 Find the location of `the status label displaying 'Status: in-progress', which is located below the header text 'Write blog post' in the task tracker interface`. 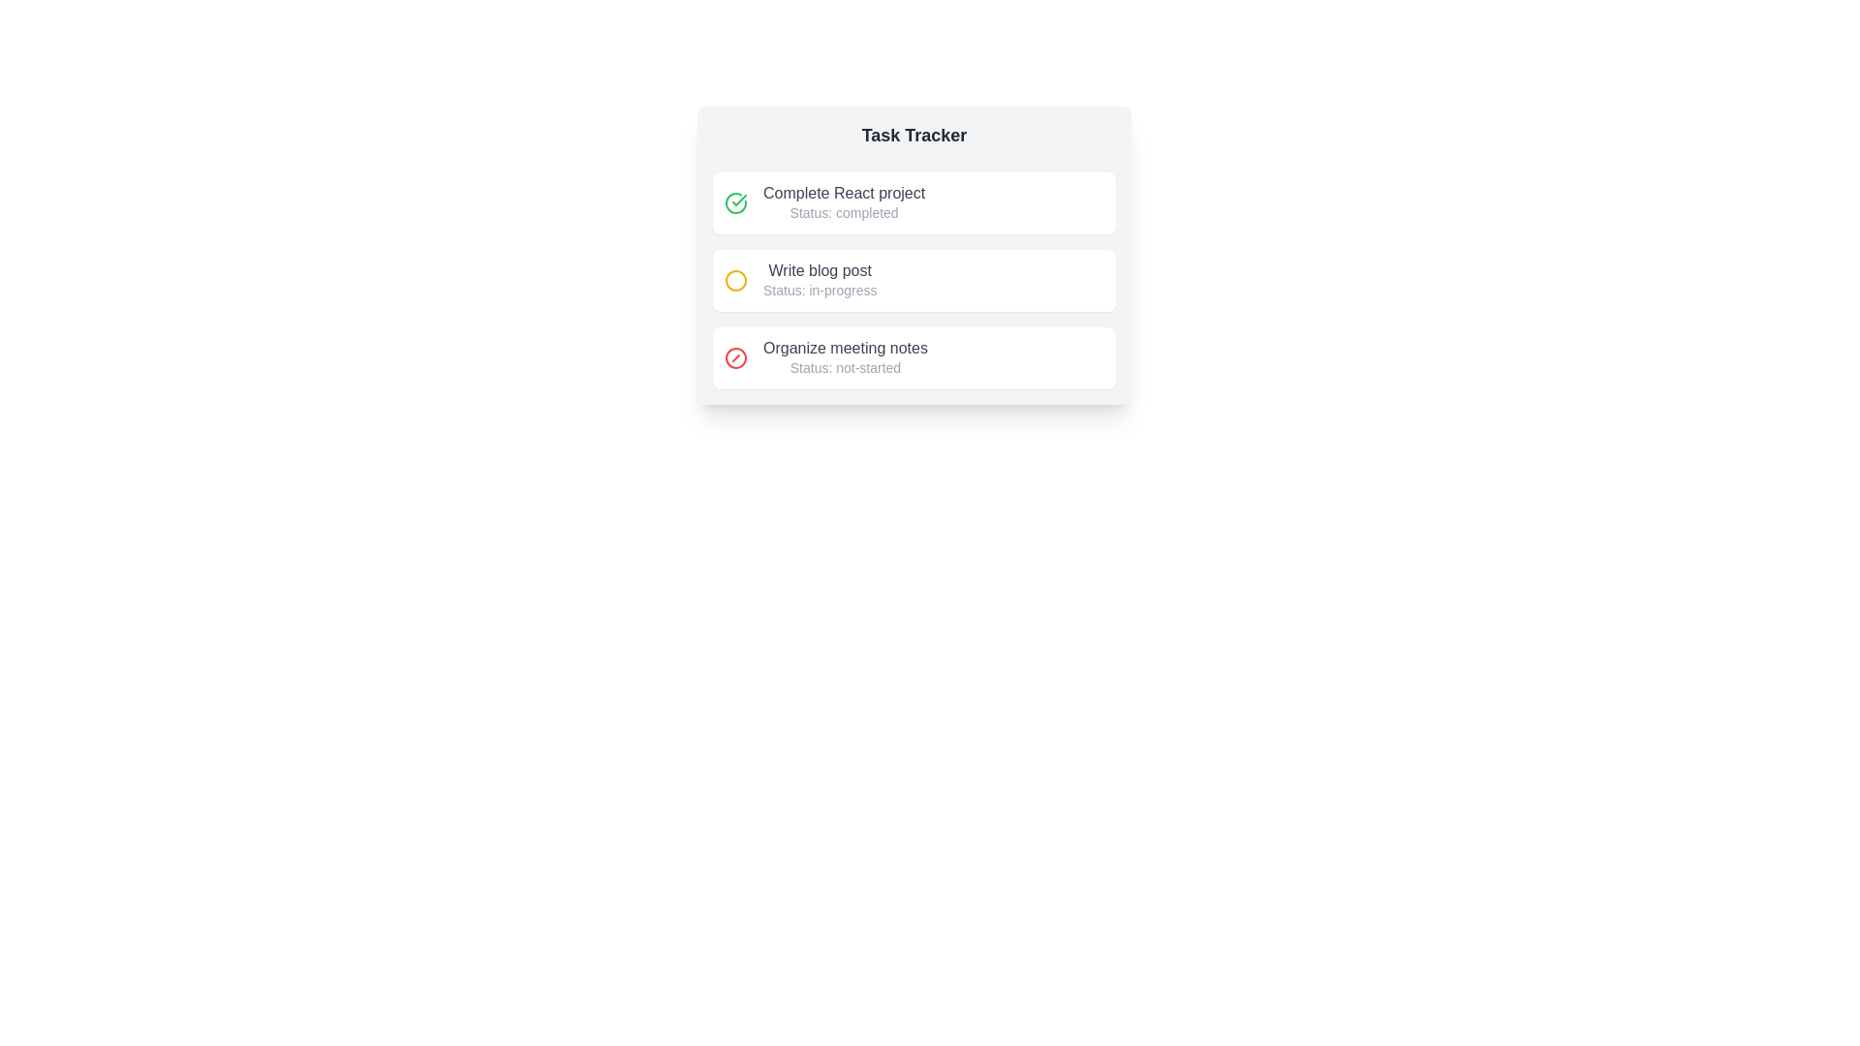

the status label displaying 'Status: in-progress', which is located below the header text 'Write blog post' in the task tracker interface is located at coordinates (820, 291).